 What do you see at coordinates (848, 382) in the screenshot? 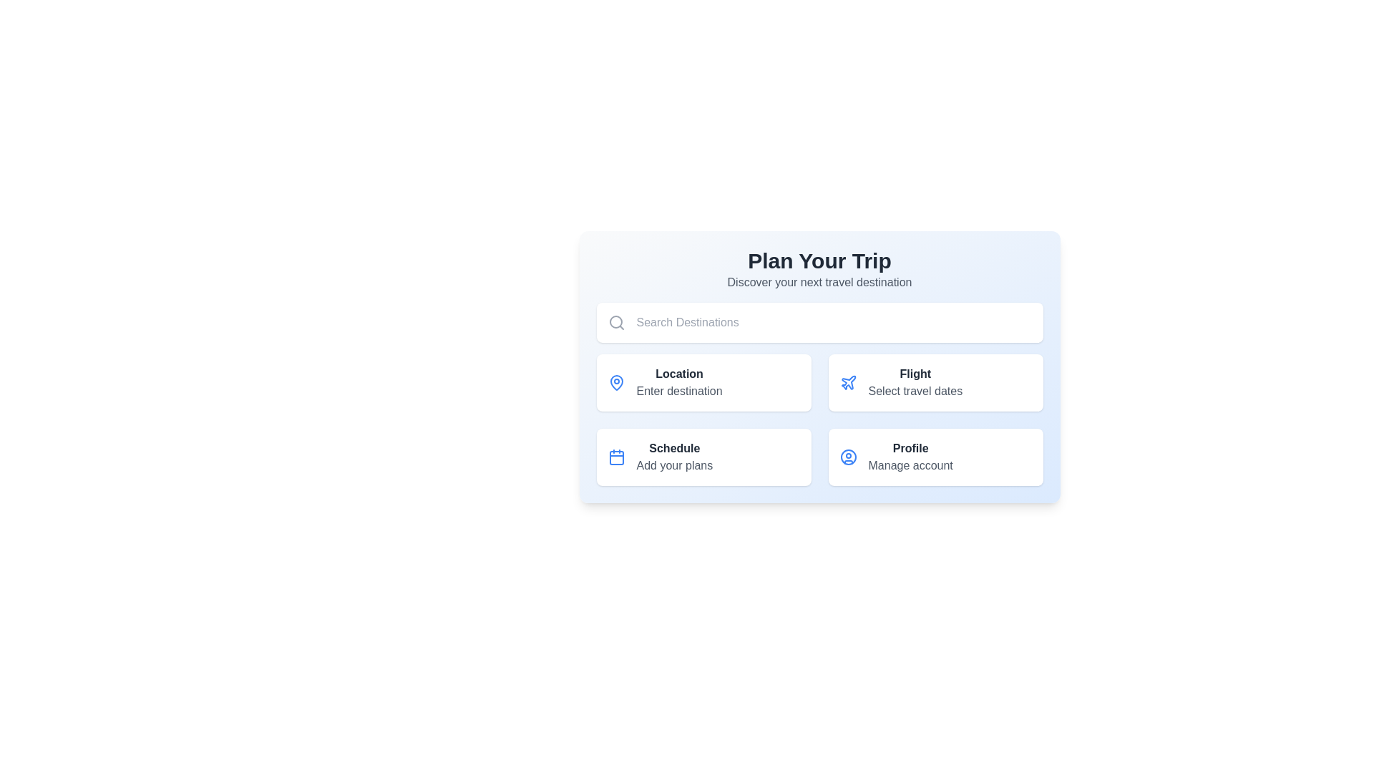
I see `the flight options icon located within the 'Flight' button in the grid layout, positioned to the left of the button's text` at bounding box center [848, 382].